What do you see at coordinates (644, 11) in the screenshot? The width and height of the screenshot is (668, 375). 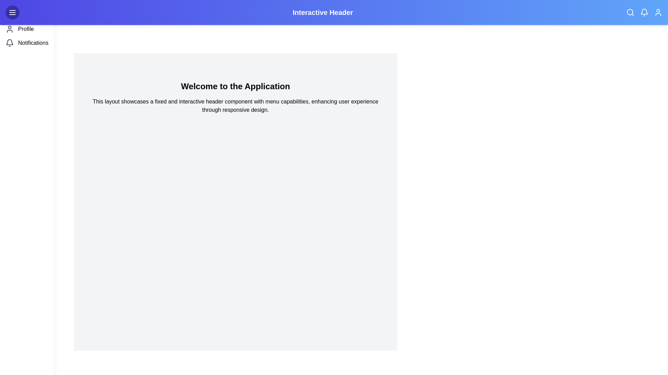 I see `the bell-shaped SVG icon located in the header bar, which is the second icon from left to right` at bounding box center [644, 11].